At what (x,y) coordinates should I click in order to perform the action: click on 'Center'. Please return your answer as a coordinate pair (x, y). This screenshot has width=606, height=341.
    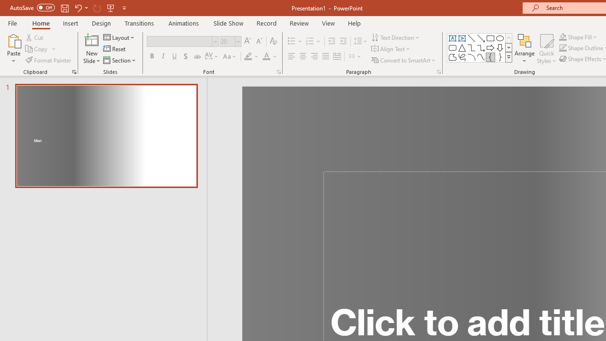
    Looking at the image, I should click on (303, 56).